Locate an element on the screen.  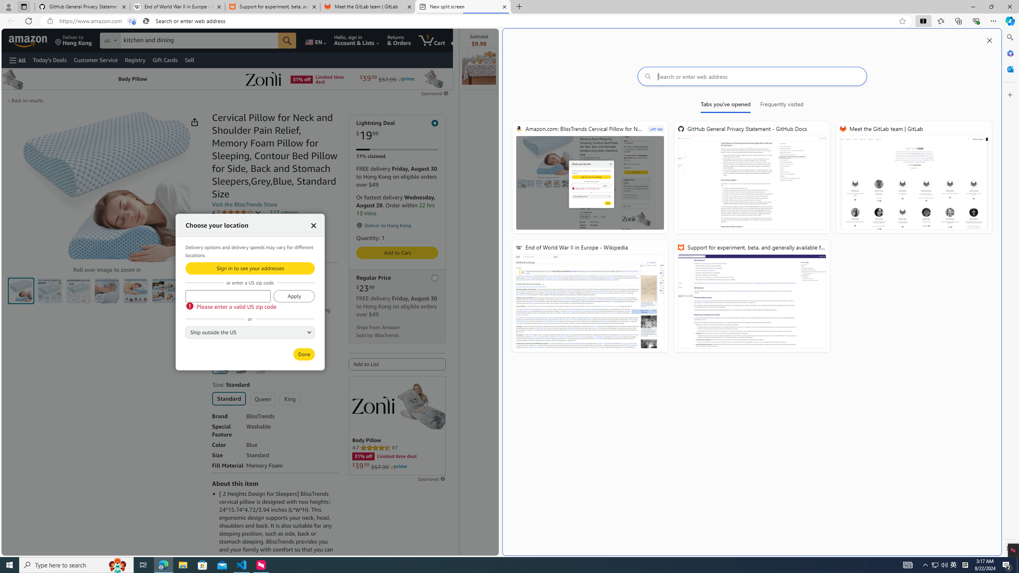
'Back to results' is located at coordinates (27, 100).